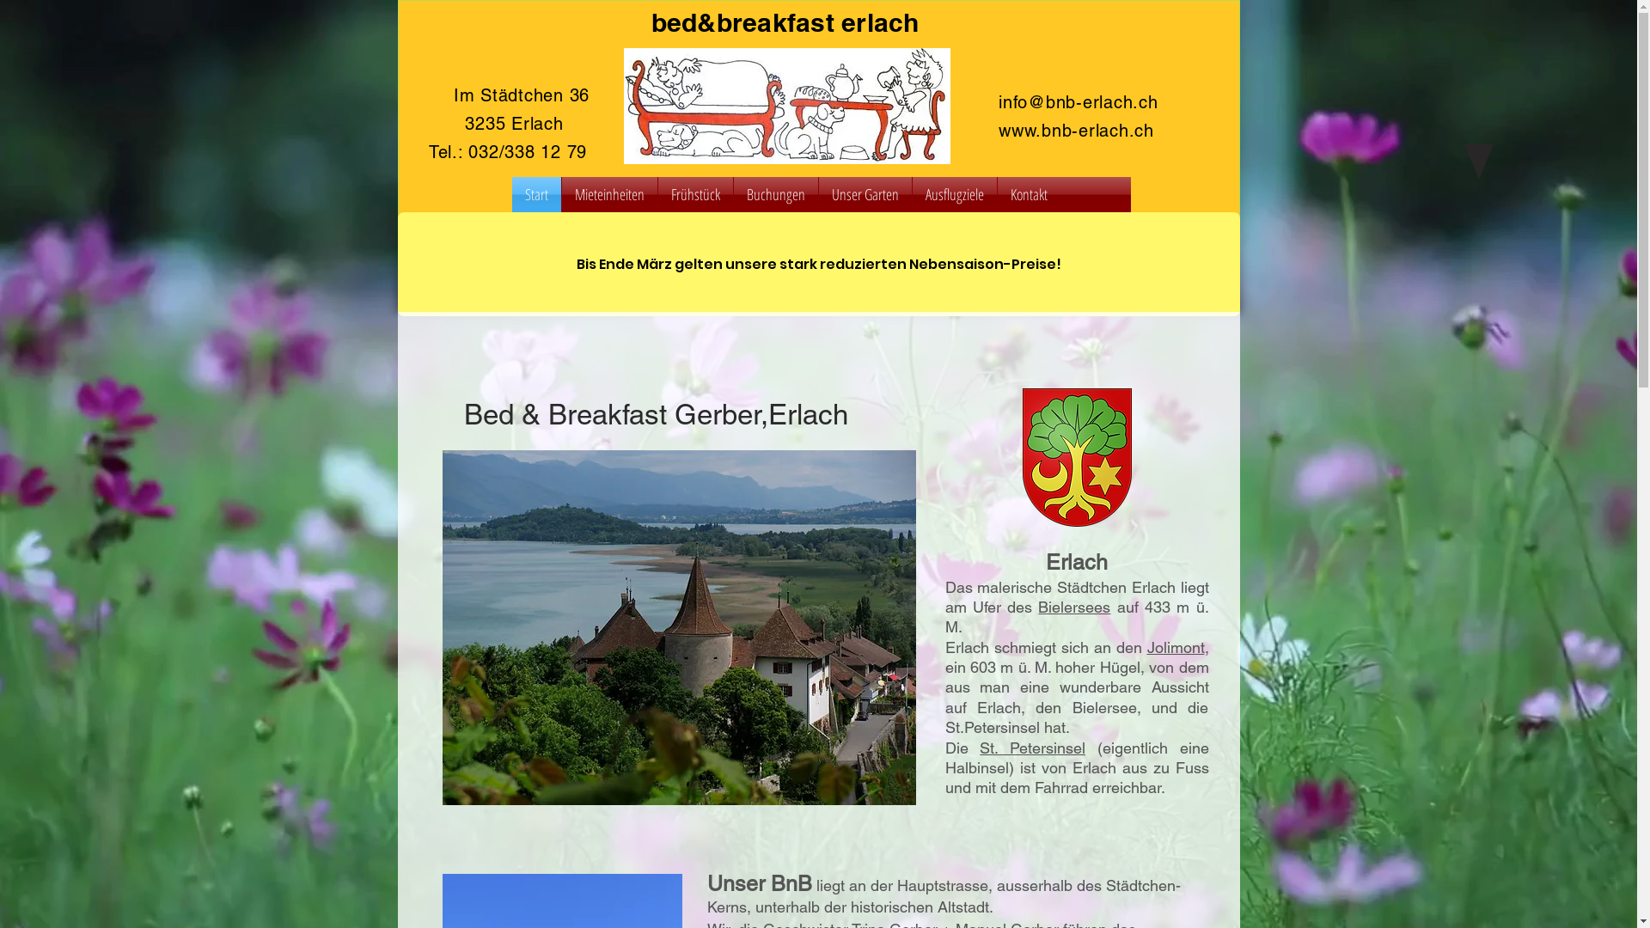 The height and width of the screenshot is (928, 1650). I want to click on 'Unser Garten', so click(865, 193).